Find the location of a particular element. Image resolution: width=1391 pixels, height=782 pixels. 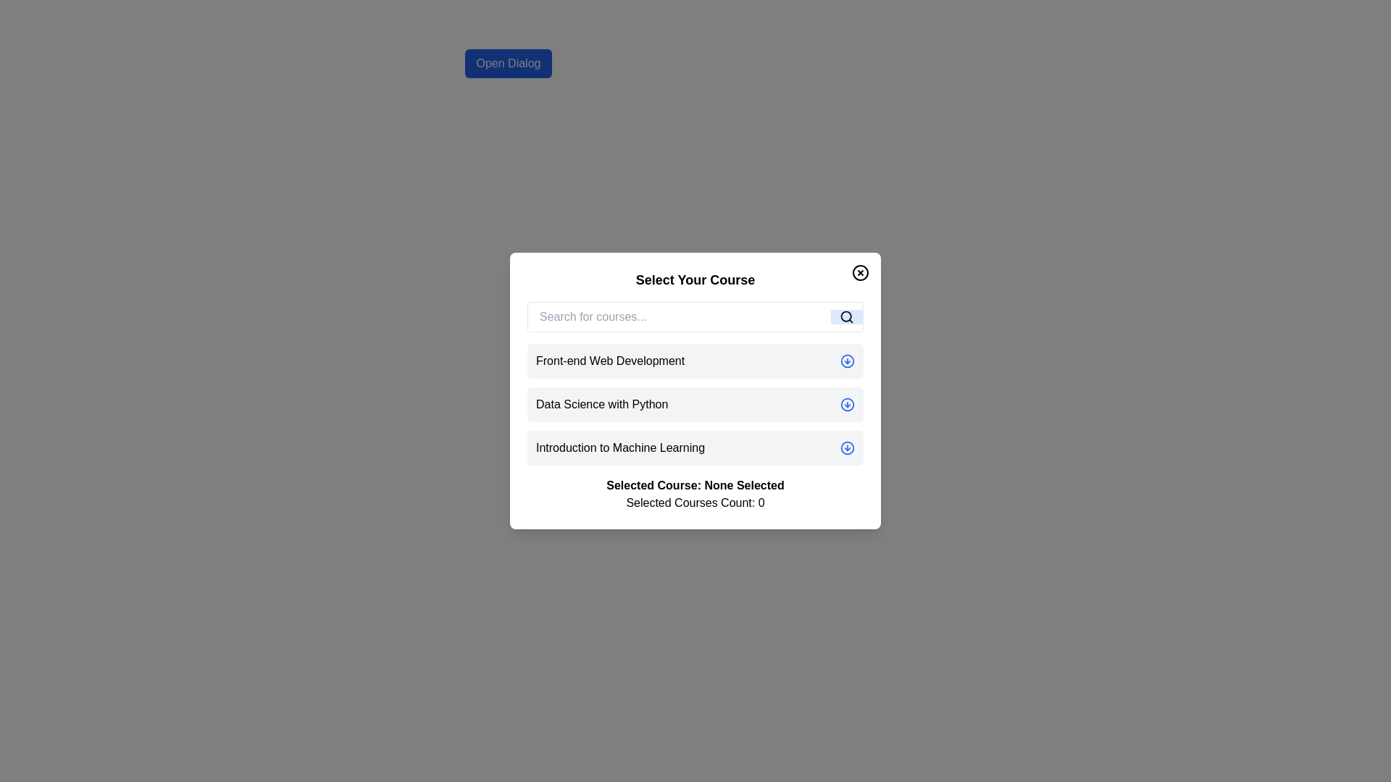

the label displaying the count of selected courses, which currently shows 'zero', located at the bottom-middle of the dialog box is located at coordinates (695, 502).